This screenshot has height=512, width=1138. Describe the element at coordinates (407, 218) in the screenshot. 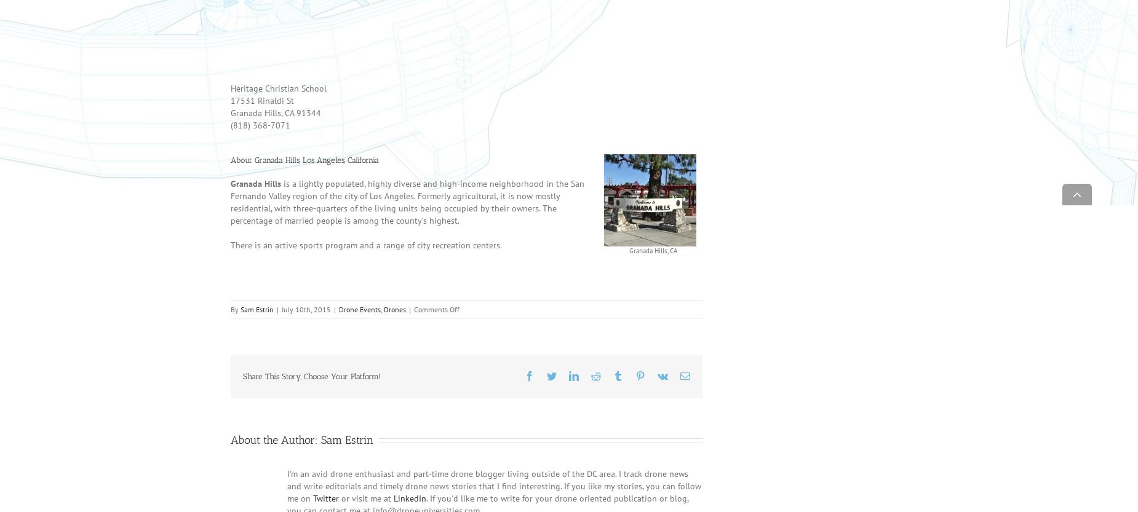

I see `'is a lightly populated, highly diverse and high-income neighborhood in the San Fernando Valley region of the city of Los Angeles. Formerly agricultural, it is now mostly residential, with three-quarters of the living units being occupied by their owners. The percentage of married people is among the county’s highest.'` at that location.